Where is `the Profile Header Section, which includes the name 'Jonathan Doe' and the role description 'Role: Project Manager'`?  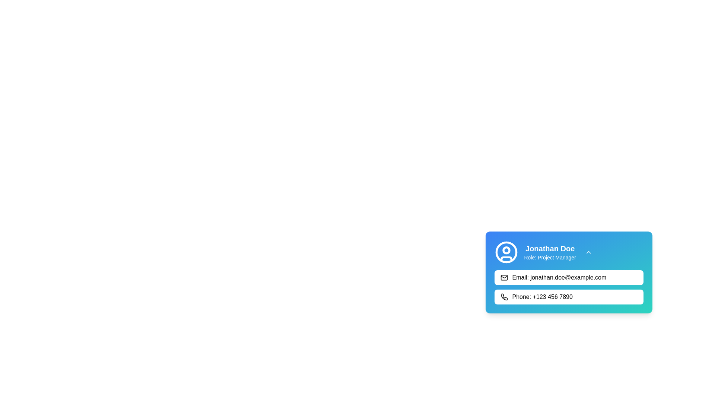
the Profile Header Section, which includes the name 'Jonathan Doe' and the role description 'Role: Project Manager' is located at coordinates (568, 252).